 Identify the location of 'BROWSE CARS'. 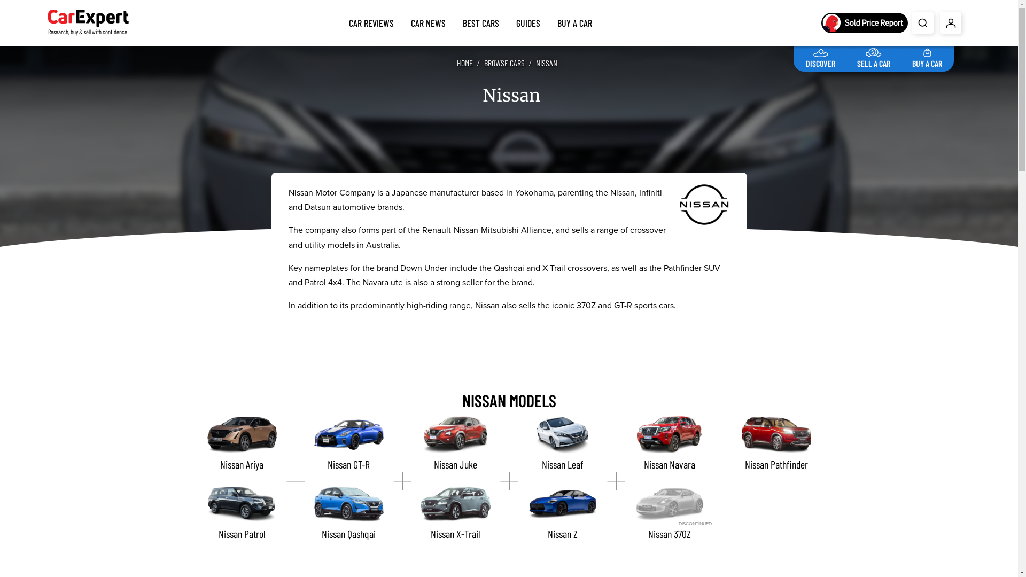
(504, 63).